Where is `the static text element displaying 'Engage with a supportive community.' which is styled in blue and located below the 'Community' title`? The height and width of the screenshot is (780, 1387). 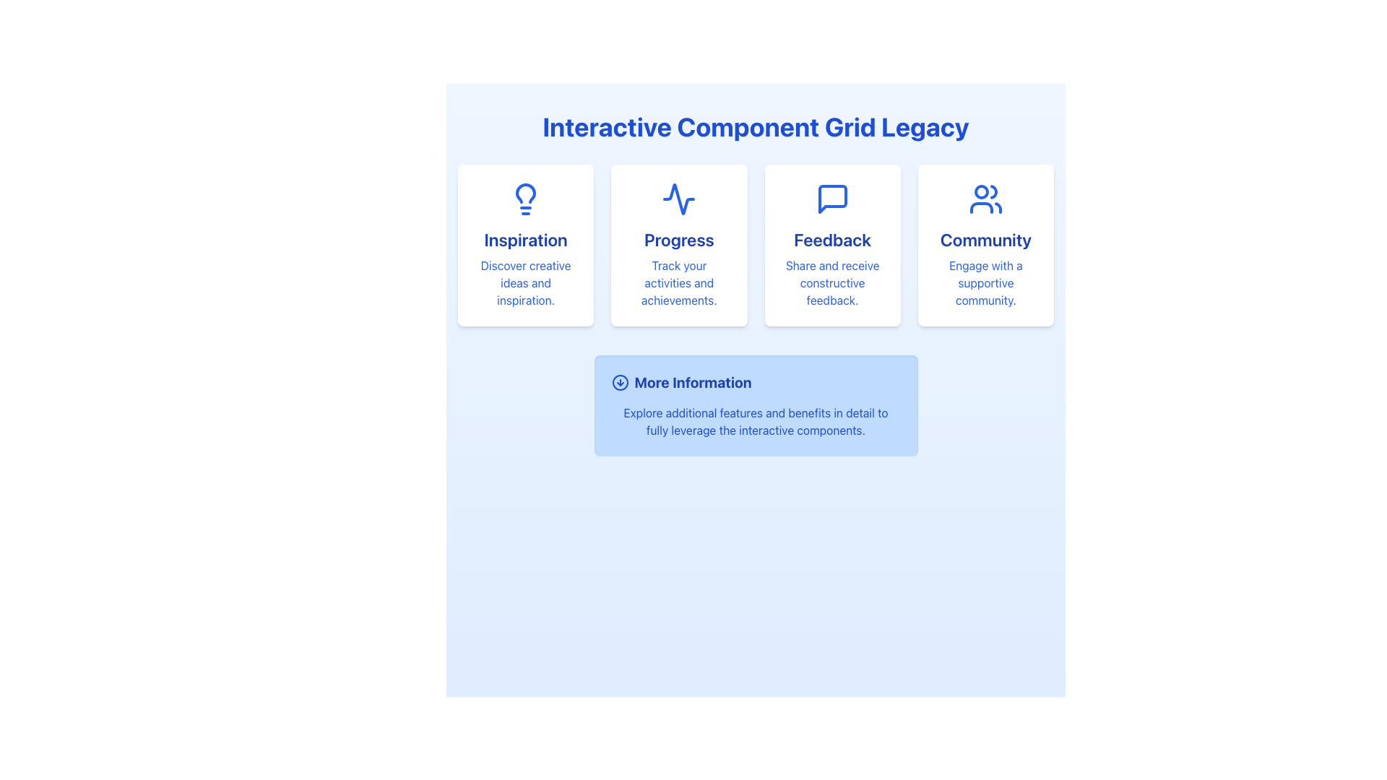 the static text element displaying 'Engage with a supportive community.' which is styled in blue and located below the 'Community' title is located at coordinates (985, 283).